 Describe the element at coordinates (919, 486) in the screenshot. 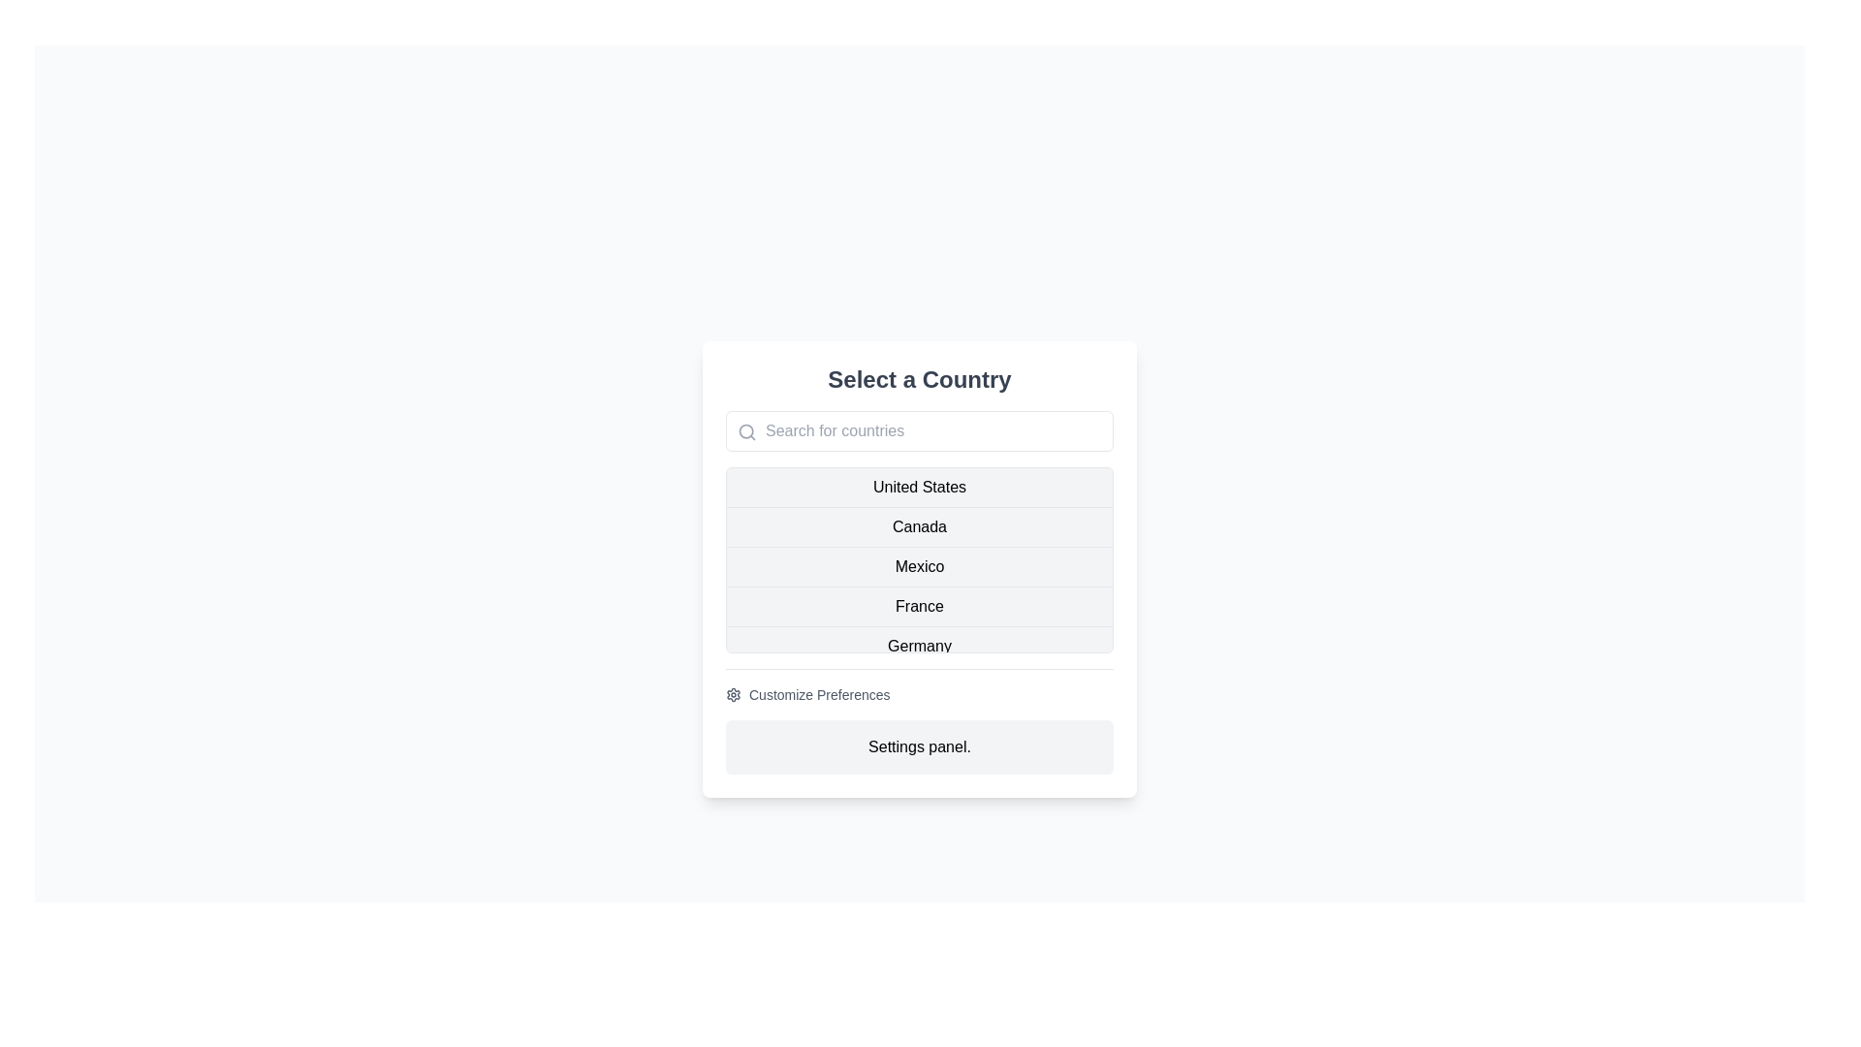

I see `the first item in the selectable list of country names located directly below the search field` at that location.